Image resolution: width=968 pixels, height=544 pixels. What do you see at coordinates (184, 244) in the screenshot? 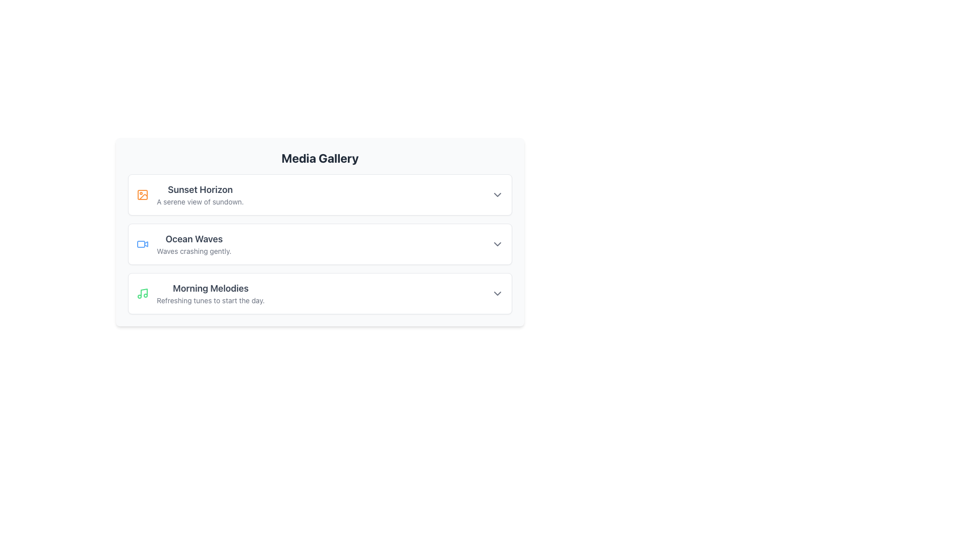
I see `the 'Ocean Waves' List Item with Icon and Text in the Media Gallery` at bounding box center [184, 244].